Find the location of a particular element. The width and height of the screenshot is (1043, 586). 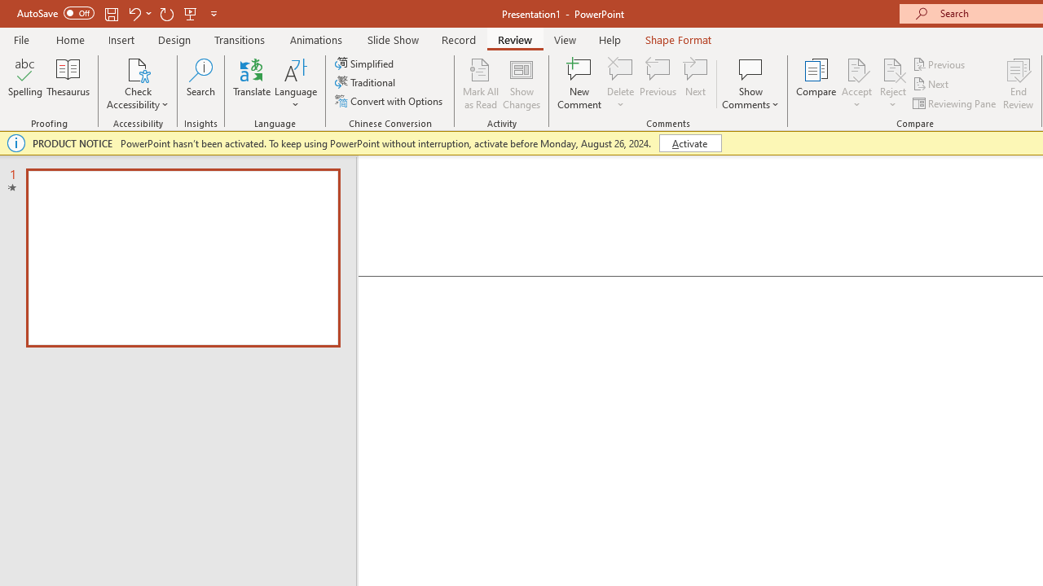

'Show Changes' is located at coordinates (521, 84).